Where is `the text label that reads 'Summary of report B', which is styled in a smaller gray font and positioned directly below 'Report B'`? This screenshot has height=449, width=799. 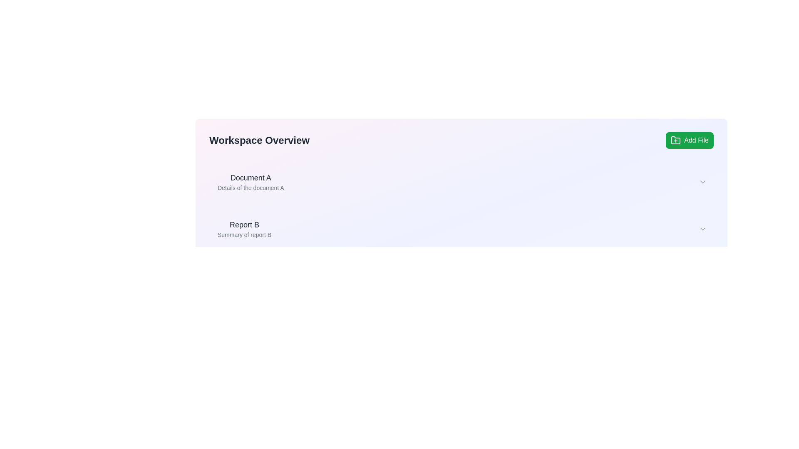
the text label that reads 'Summary of report B', which is styled in a smaller gray font and positioned directly below 'Report B' is located at coordinates (244, 234).